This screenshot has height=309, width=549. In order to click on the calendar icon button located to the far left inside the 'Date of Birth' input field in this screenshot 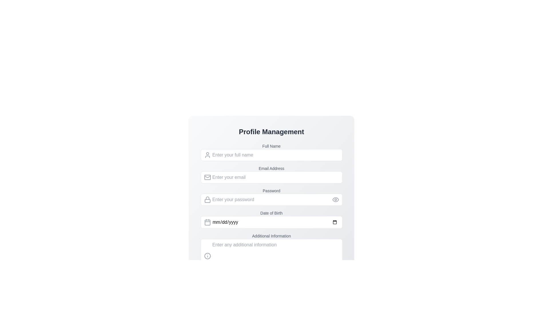, I will do `click(207, 222)`.